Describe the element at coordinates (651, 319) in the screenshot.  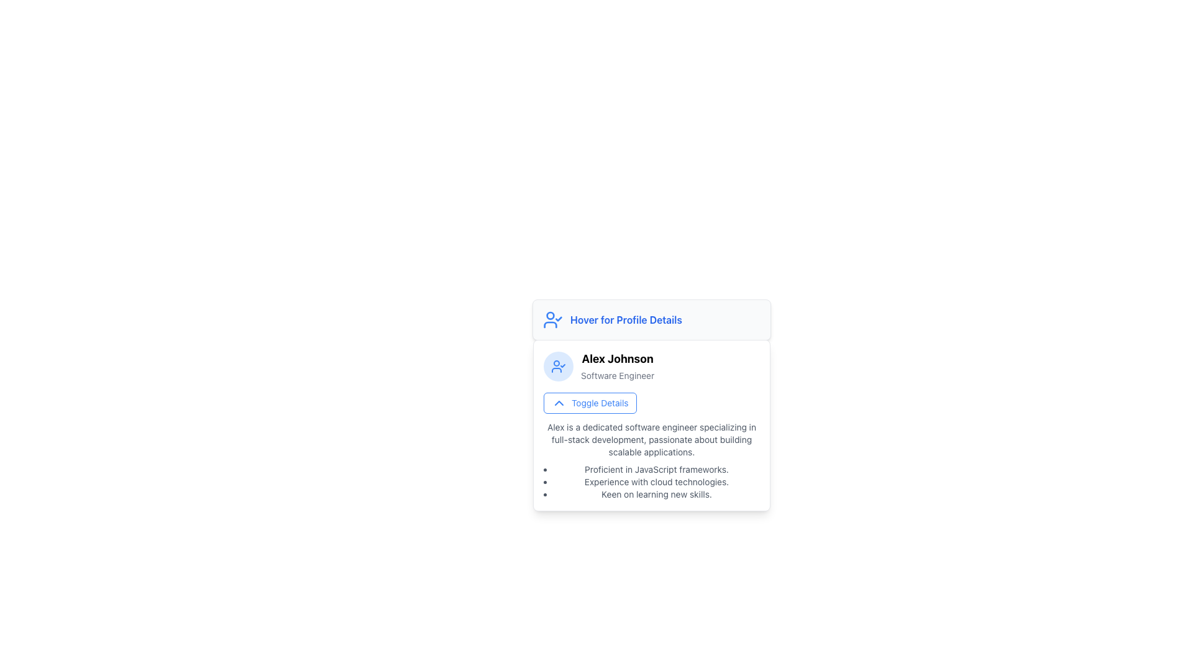
I see `the Static Text Label with Icon that displays 'Hover for Profile Details' and includes a user profile icon with a checkmark, located above the 'Alex Johnson' profile section` at that location.